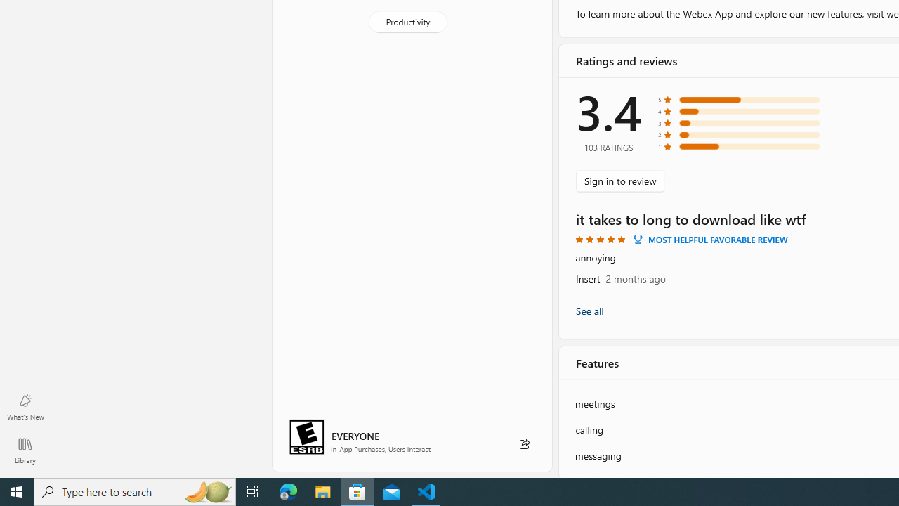 This screenshot has width=899, height=506. I want to click on 'What', so click(25, 406).